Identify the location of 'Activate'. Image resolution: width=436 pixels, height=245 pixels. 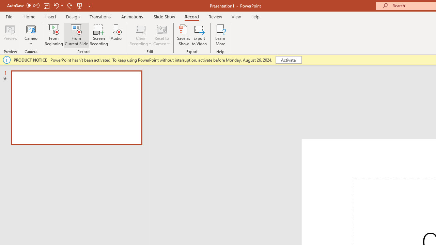
(289, 60).